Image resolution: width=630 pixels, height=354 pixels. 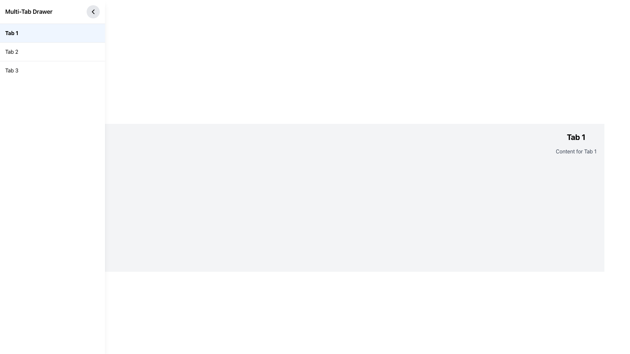 I want to click on the left-pointing chevron icon in the header next to the 'Multi-Tab Drawer' label, so click(x=93, y=11).